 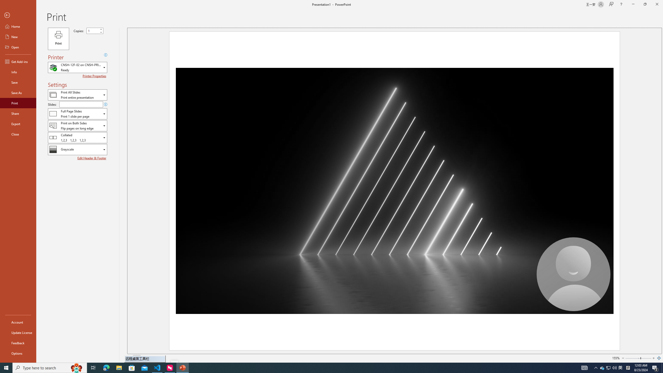 I want to click on 'Color/Grayscale', so click(x=77, y=149).